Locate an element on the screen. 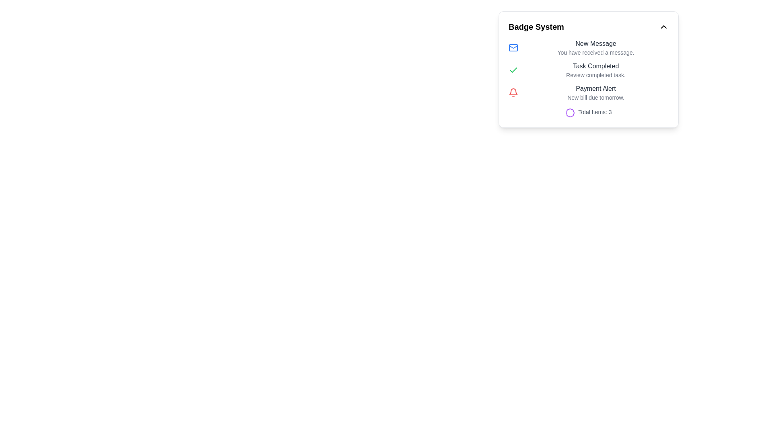 Image resolution: width=772 pixels, height=434 pixels. text content of the 'New Message' label, which displays 'New Message' in bold and 'You have received a message.' below it is located at coordinates (596, 48).